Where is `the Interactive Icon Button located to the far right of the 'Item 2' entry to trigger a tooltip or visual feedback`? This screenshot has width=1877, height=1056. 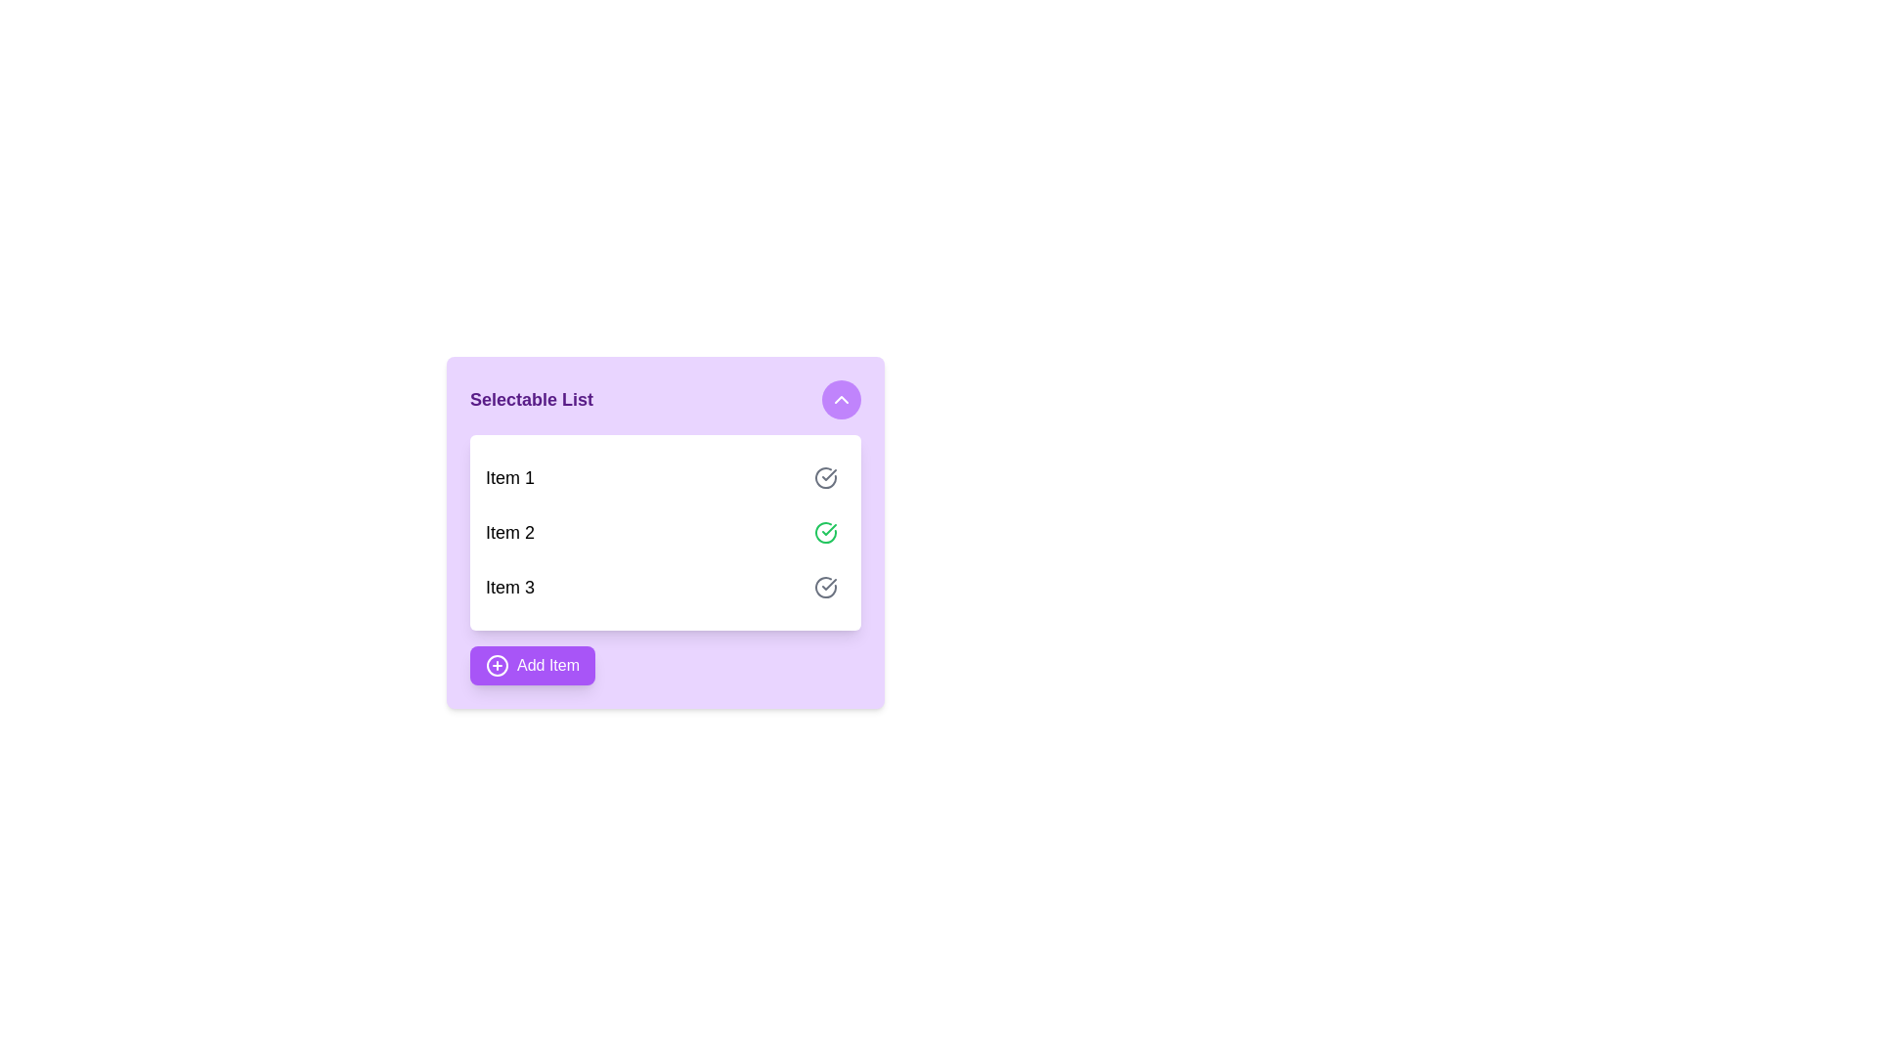
the Interactive Icon Button located to the far right of the 'Item 2' entry to trigger a tooltip or visual feedback is located at coordinates (825, 532).